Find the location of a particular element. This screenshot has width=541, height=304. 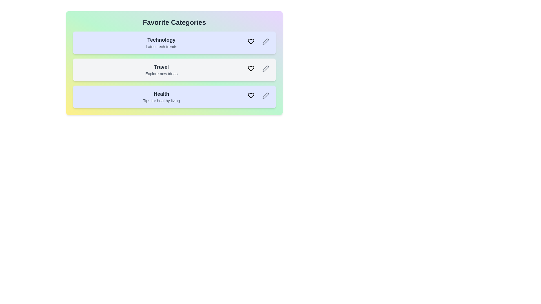

the heart icon button to toggle the favorite status of the category Technology is located at coordinates (251, 41).